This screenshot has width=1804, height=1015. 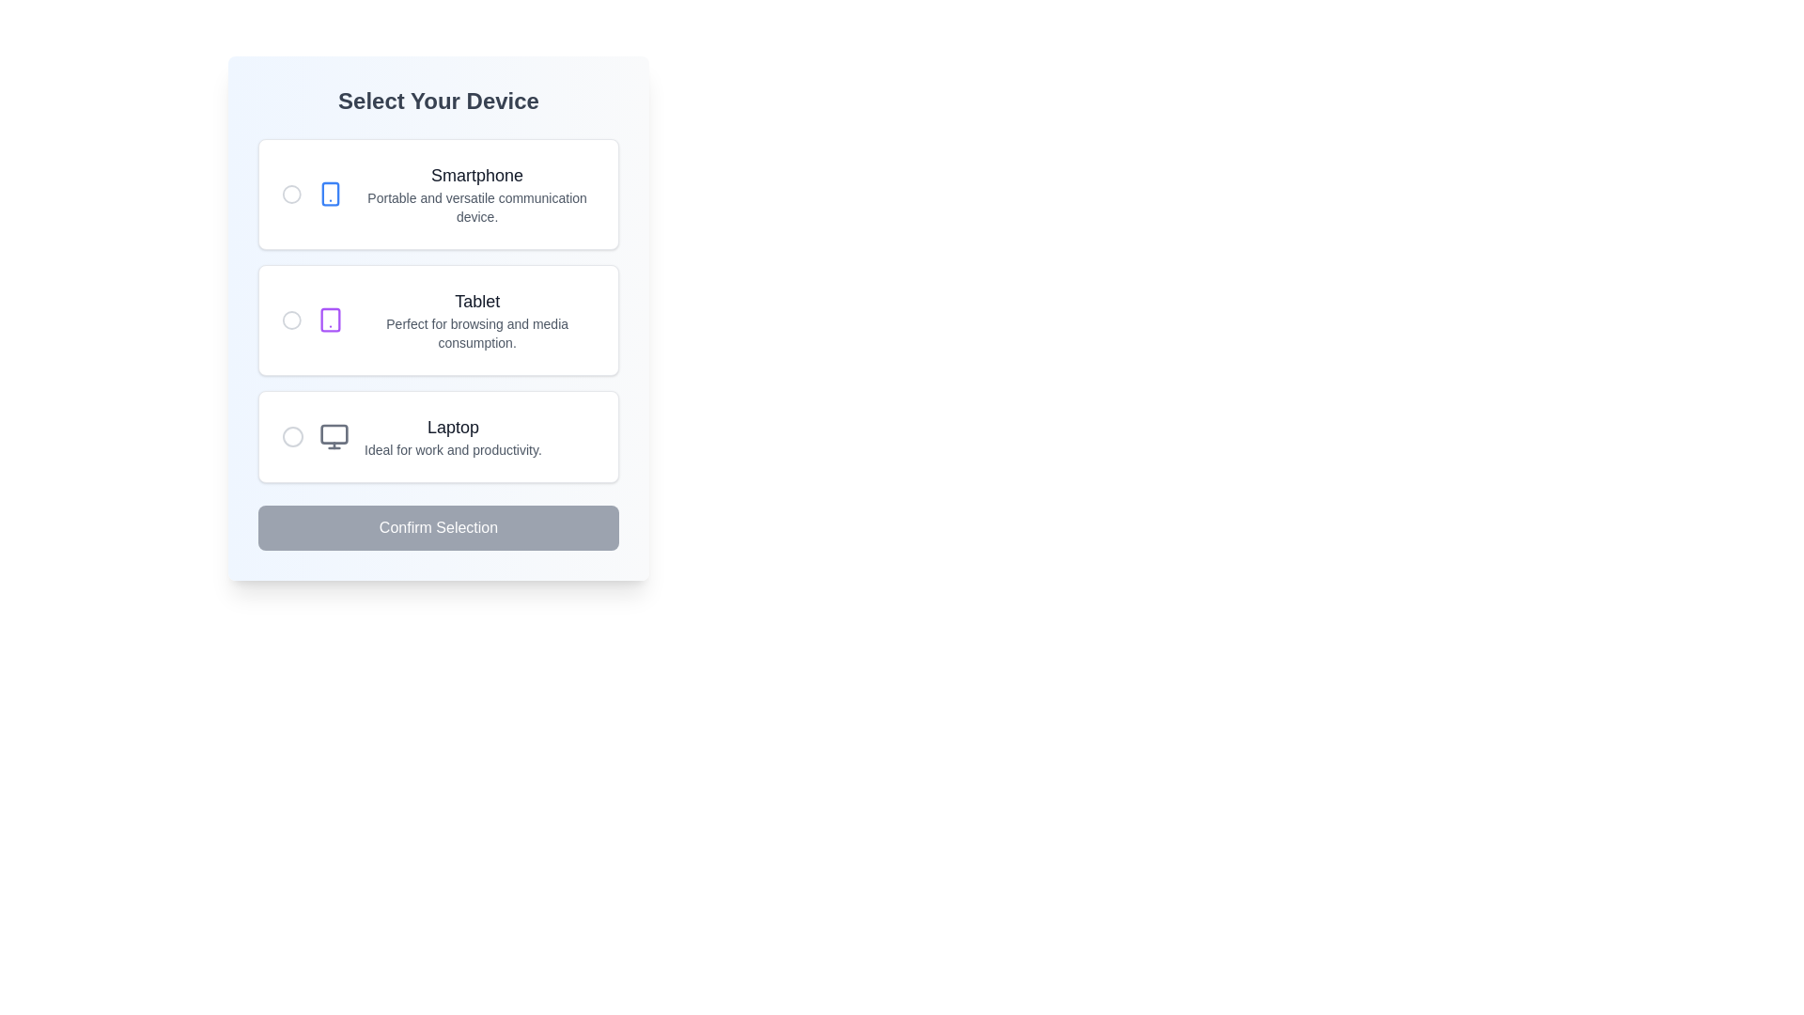 I want to click on the Text display group that displays the device option name and description, positioned above the Tablet option and featuring a left-aligned smartphone icon, so click(x=477, y=195).